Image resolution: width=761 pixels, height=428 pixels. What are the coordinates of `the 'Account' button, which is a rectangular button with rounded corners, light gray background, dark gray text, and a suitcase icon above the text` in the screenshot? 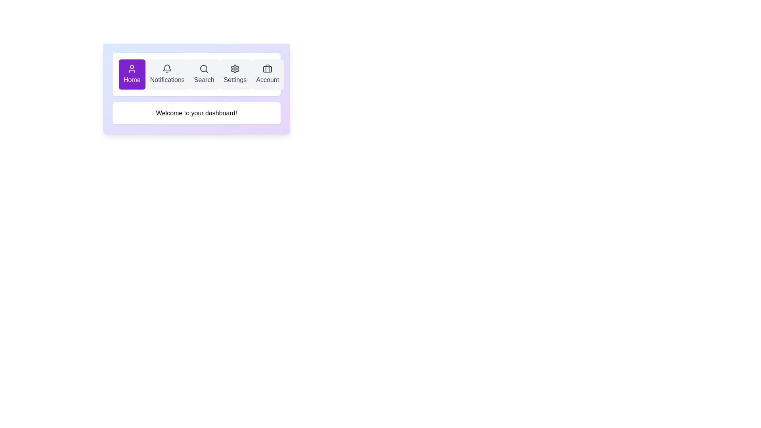 It's located at (268, 75).